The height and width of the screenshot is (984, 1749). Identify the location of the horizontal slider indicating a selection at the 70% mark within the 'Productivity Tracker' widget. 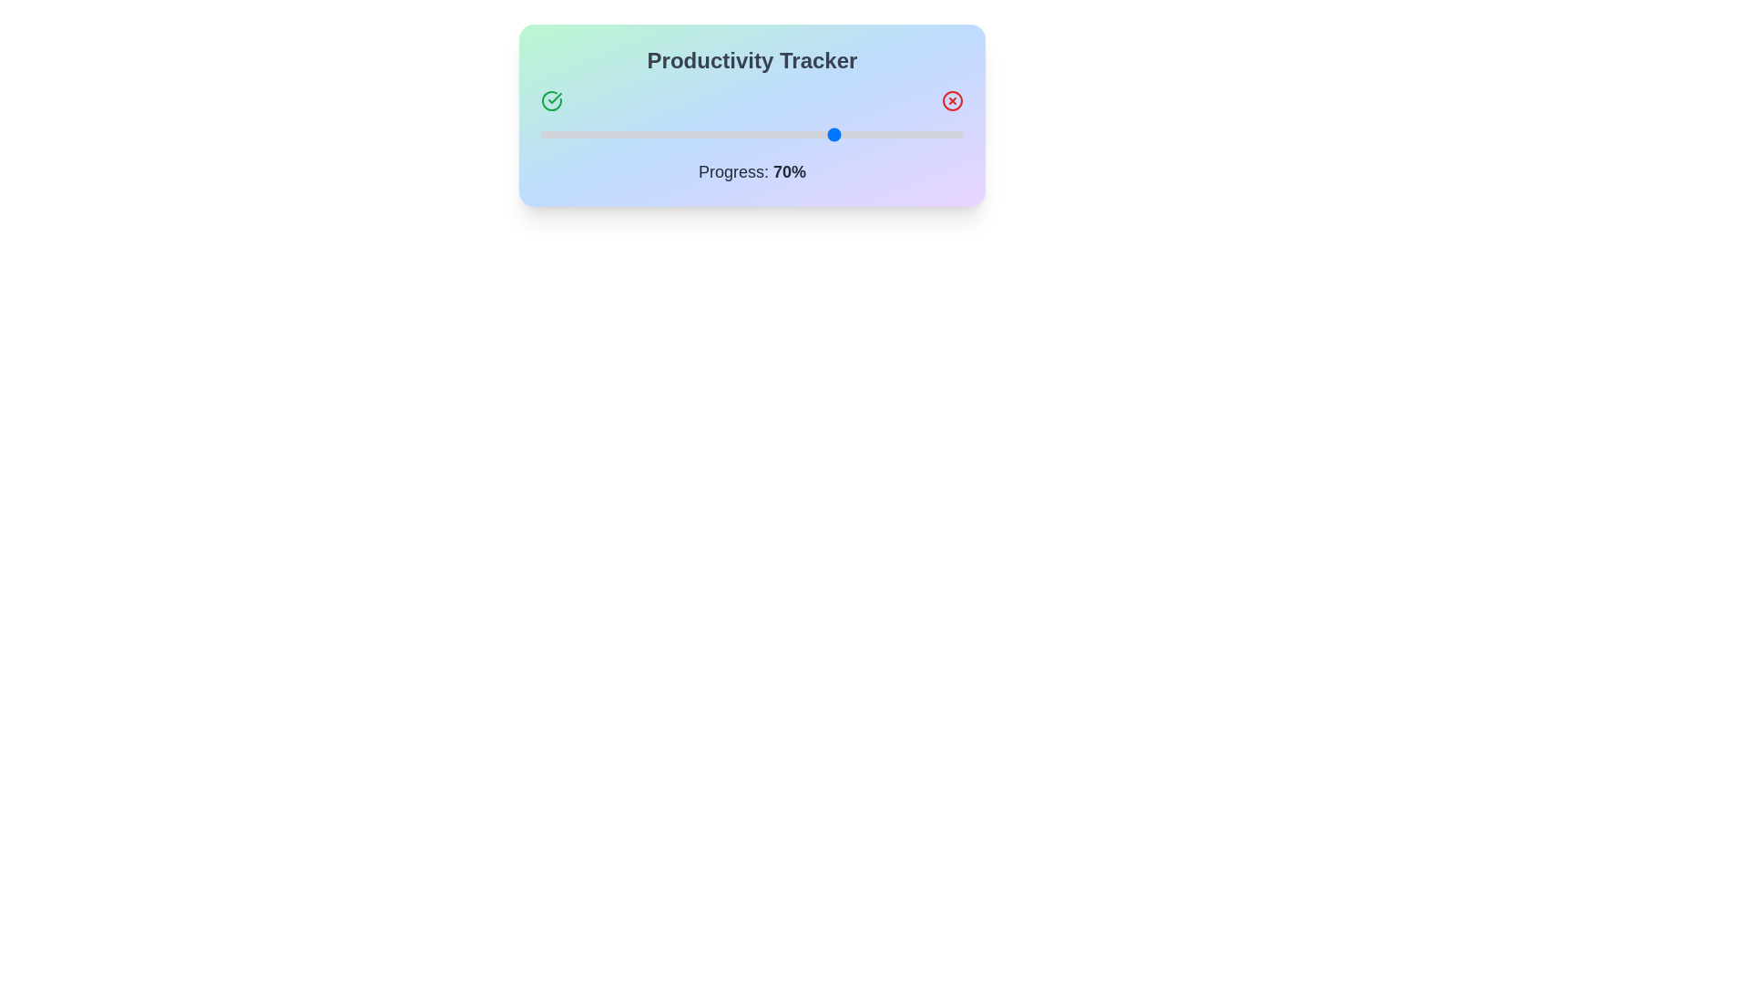
(752, 133).